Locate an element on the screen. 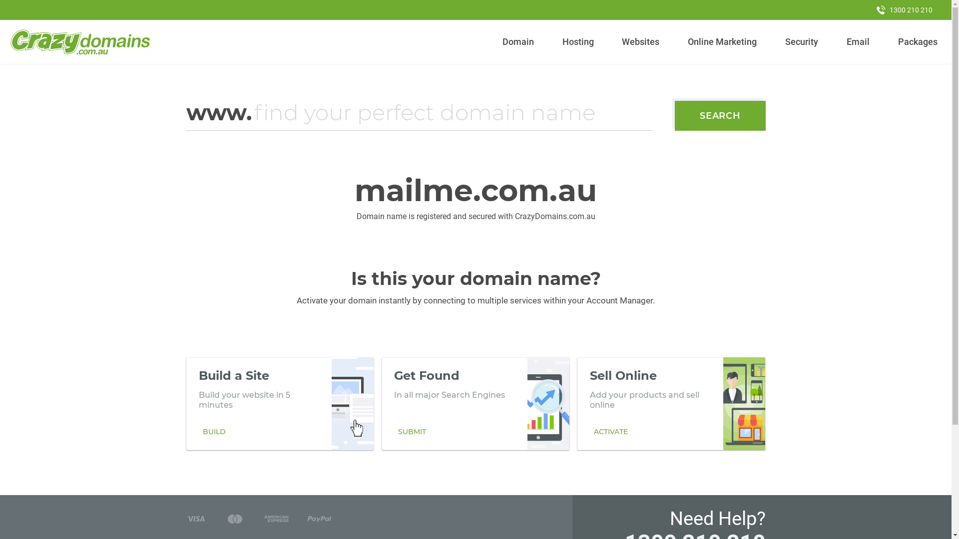 The image size is (959, 539). 'Websites' is located at coordinates (640, 41).